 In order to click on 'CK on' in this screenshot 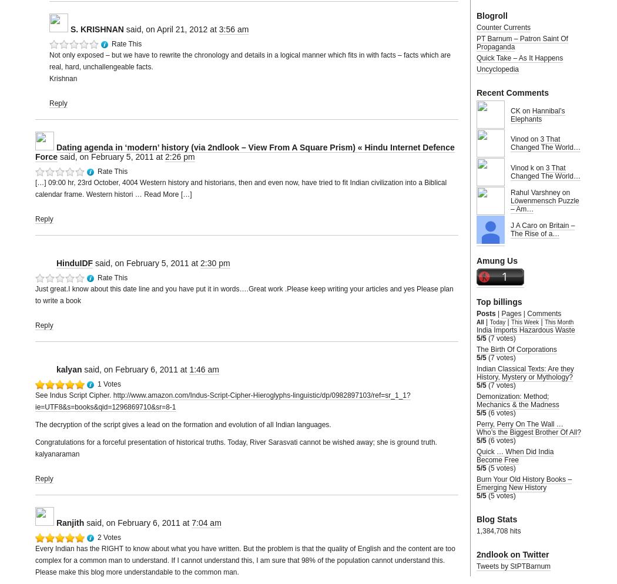, I will do `click(509, 109)`.